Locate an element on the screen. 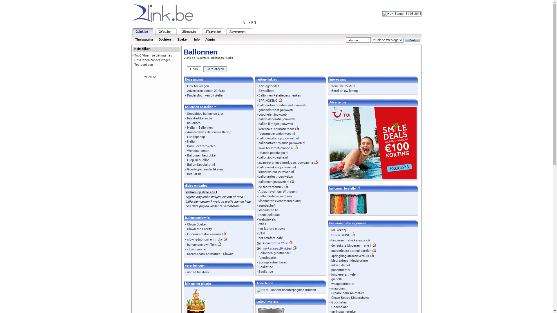  'adrian daniel' is located at coordinates (341, 265).